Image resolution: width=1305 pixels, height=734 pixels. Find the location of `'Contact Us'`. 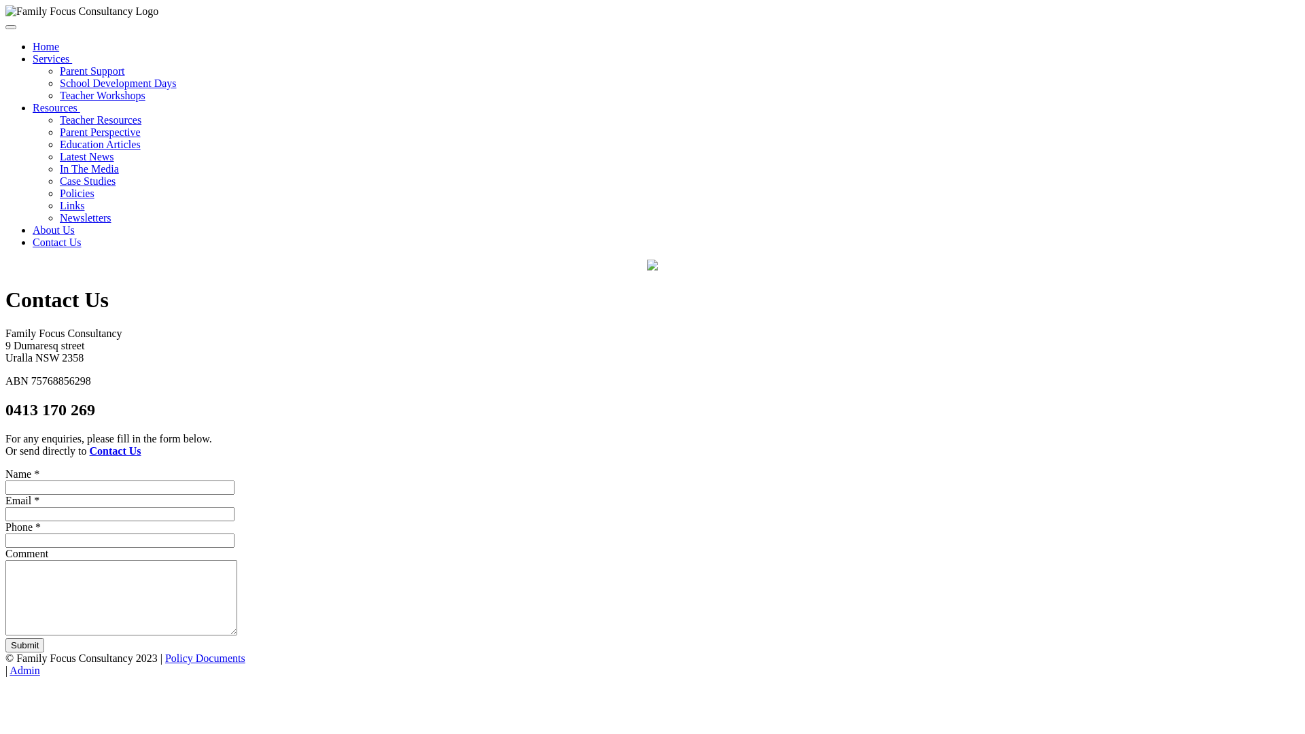

'Contact Us' is located at coordinates (89, 451).